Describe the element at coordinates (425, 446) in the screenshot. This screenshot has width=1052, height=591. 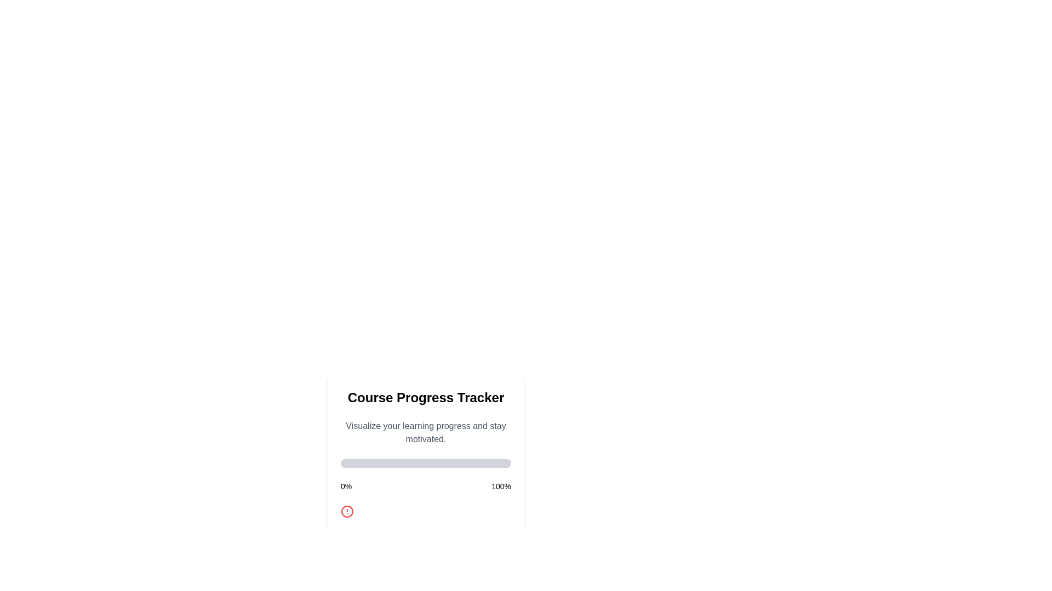
I see `the dialog box titled 'Course Progress Tracker' which contains a progress bar and the button labeled 'Progress'` at that location.